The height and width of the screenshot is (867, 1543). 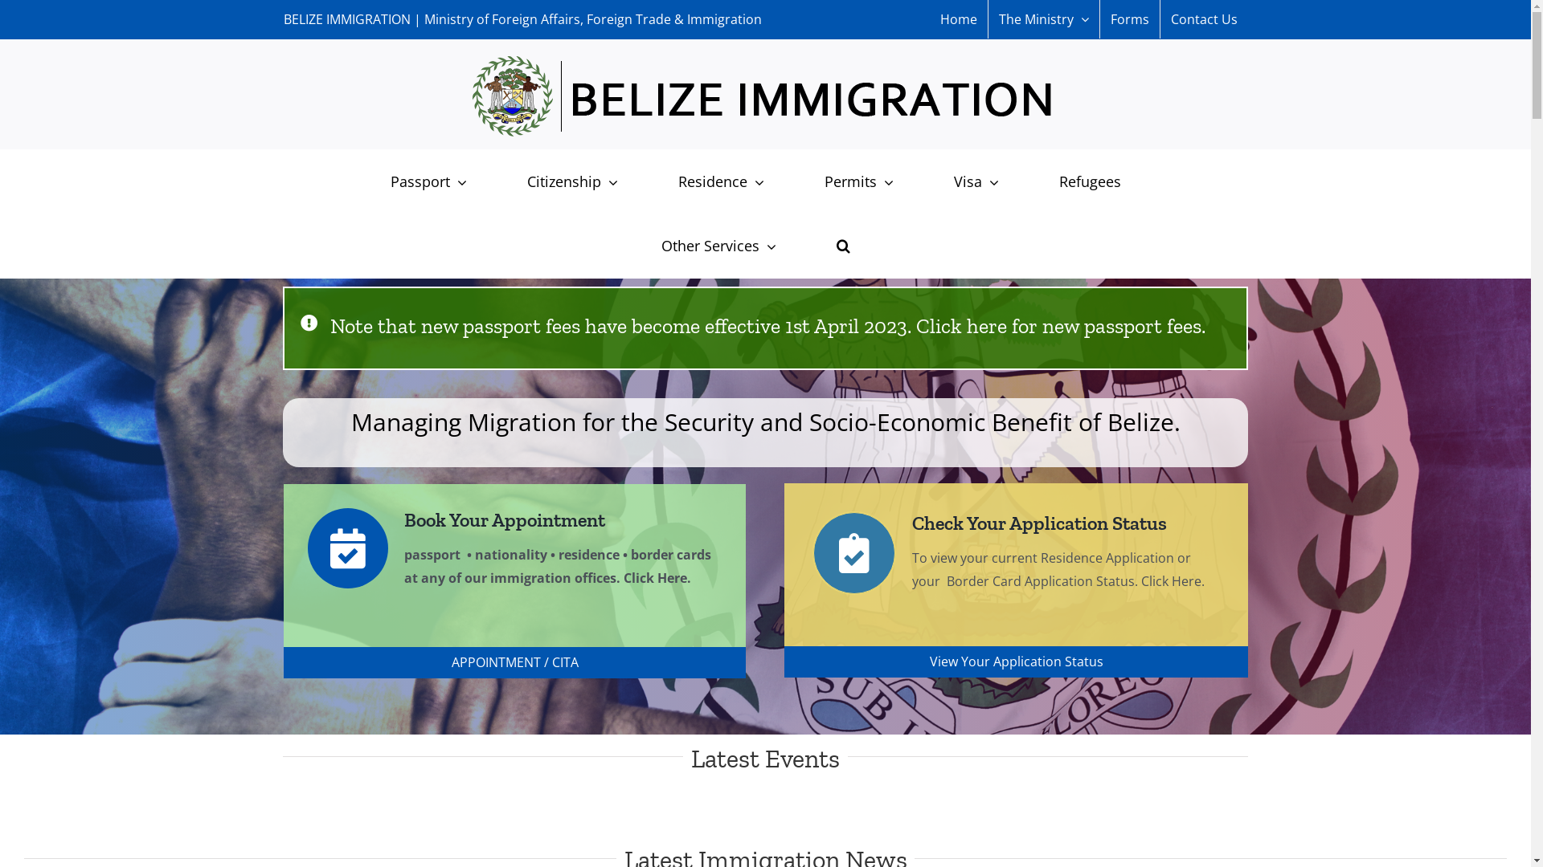 I want to click on 'The Ministry', so click(x=1044, y=18).